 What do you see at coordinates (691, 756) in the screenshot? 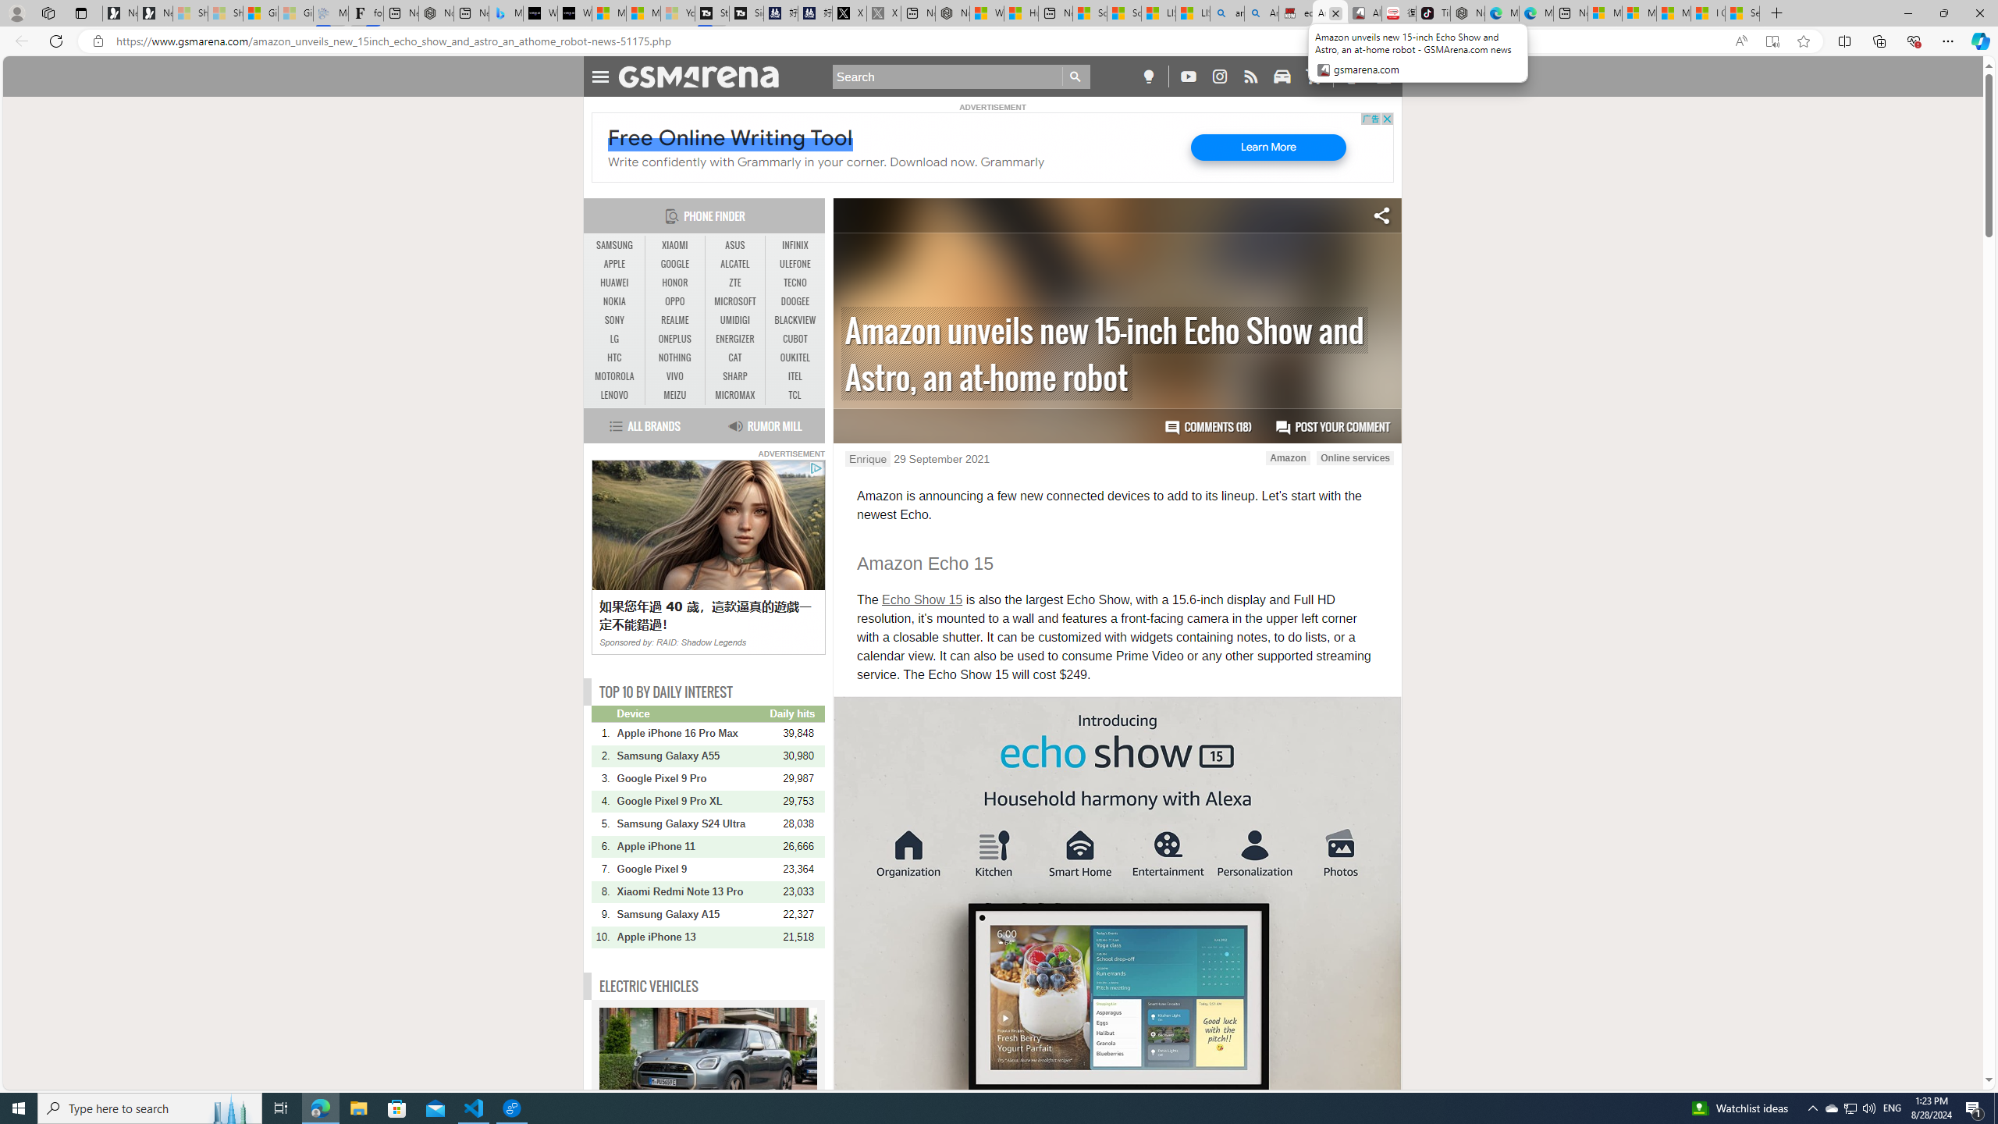
I see `'Samsung Galaxy A55'` at bounding box center [691, 756].